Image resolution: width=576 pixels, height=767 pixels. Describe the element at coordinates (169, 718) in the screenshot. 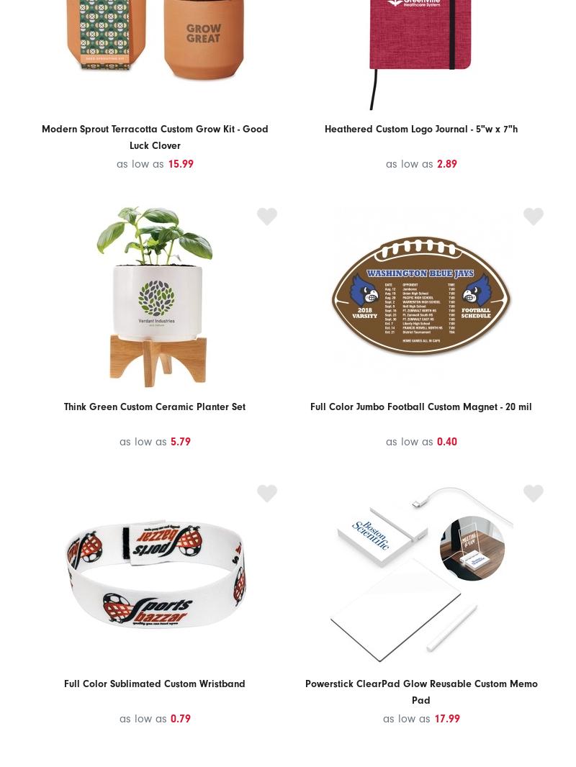

I see `'0.79'` at that location.